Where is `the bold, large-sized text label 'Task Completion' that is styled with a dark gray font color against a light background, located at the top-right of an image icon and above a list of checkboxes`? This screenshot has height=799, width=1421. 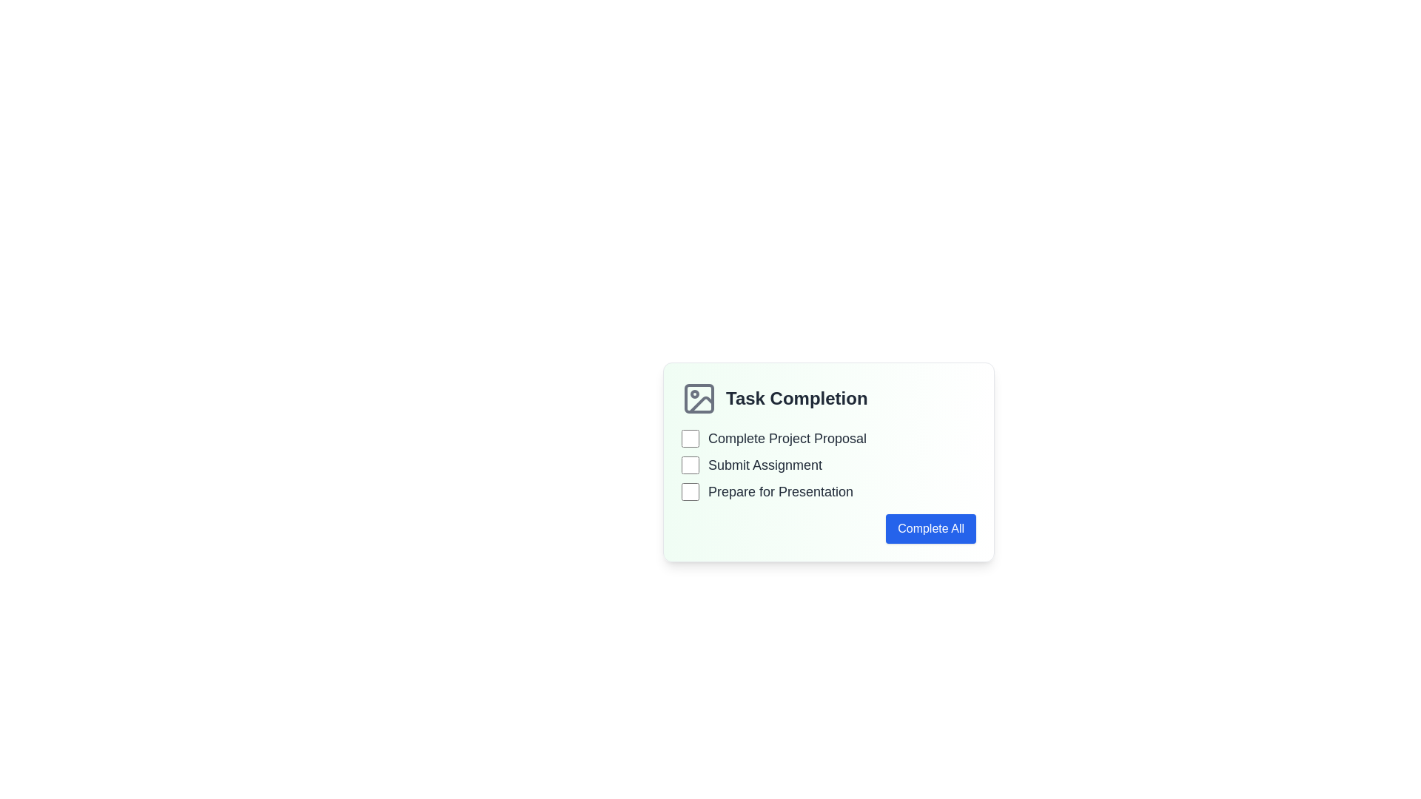 the bold, large-sized text label 'Task Completion' that is styled with a dark gray font color against a light background, located at the top-right of an image icon and above a list of checkboxes is located at coordinates (796, 398).